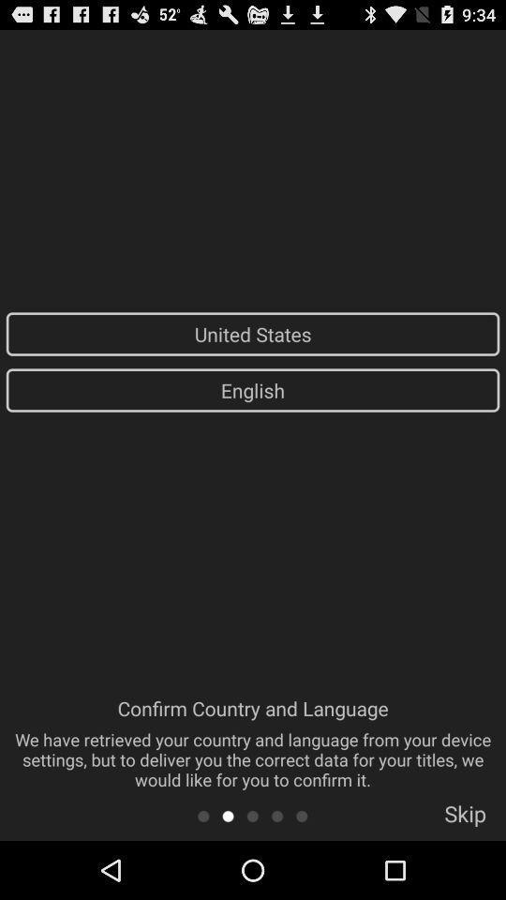 The width and height of the screenshot is (506, 900). I want to click on first page, so click(202, 815).